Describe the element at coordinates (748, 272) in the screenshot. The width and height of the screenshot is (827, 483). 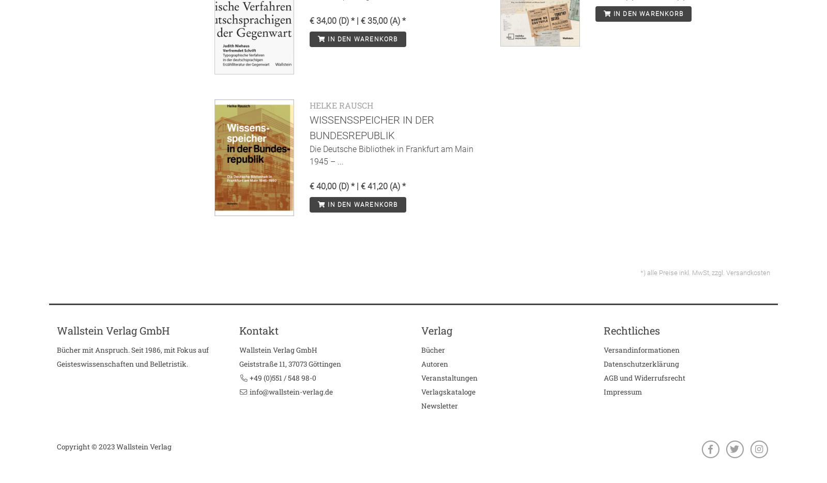
I see `'Versandkosten'` at that location.